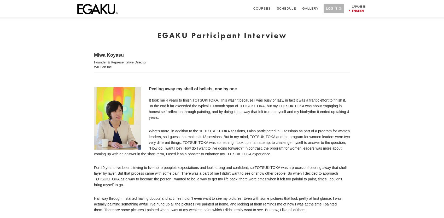  Describe the element at coordinates (261, 8) in the screenshot. I see `'COURSES'` at that location.